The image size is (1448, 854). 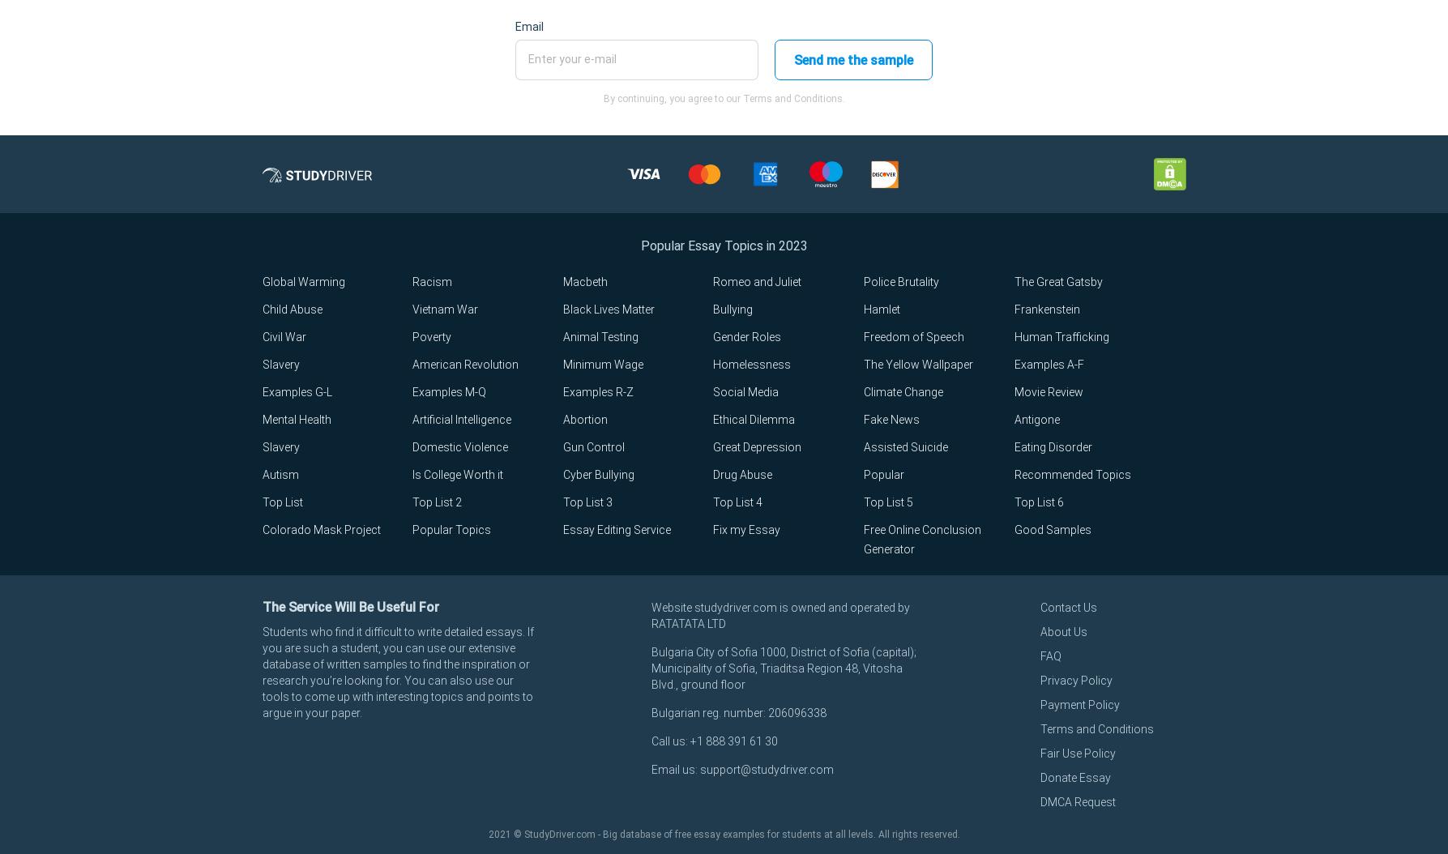 What do you see at coordinates (741, 769) in the screenshot?
I see `'Email us: support@studydriver.com'` at bounding box center [741, 769].